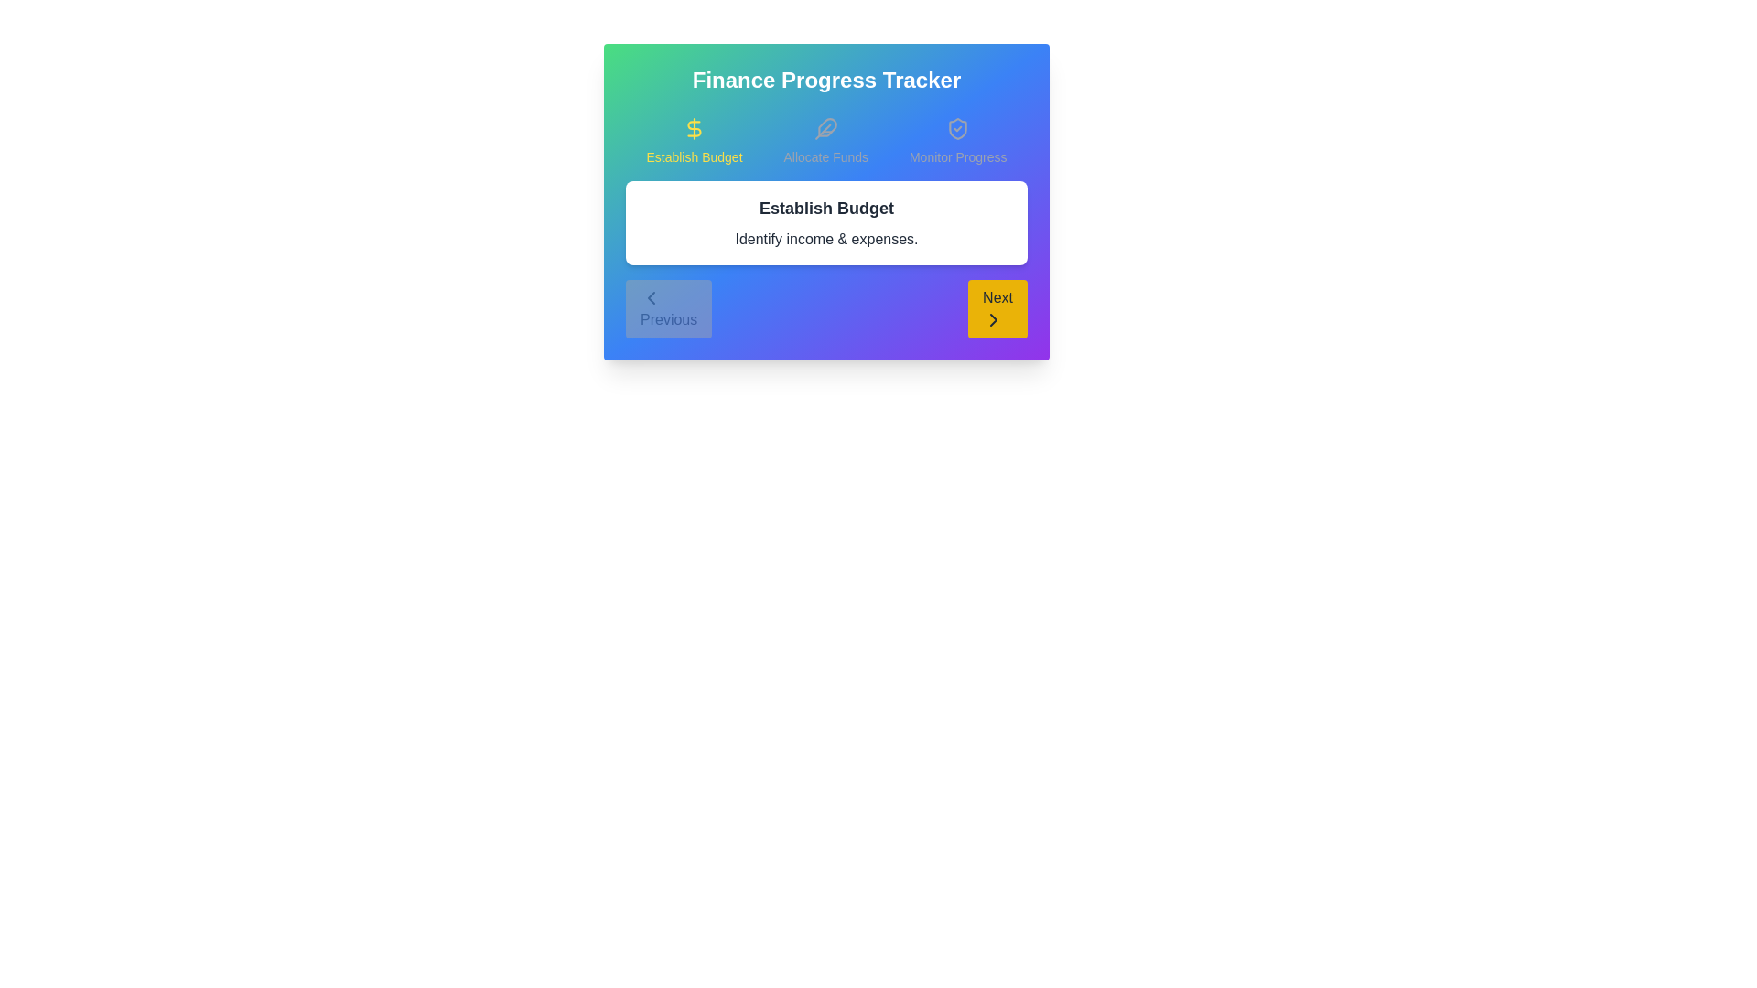 Image resolution: width=1757 pixels, height=988 pixels. Describe the element at coordinates (693, 140) in the screenshot. I see `the process icon for Establish Budget` at that location.